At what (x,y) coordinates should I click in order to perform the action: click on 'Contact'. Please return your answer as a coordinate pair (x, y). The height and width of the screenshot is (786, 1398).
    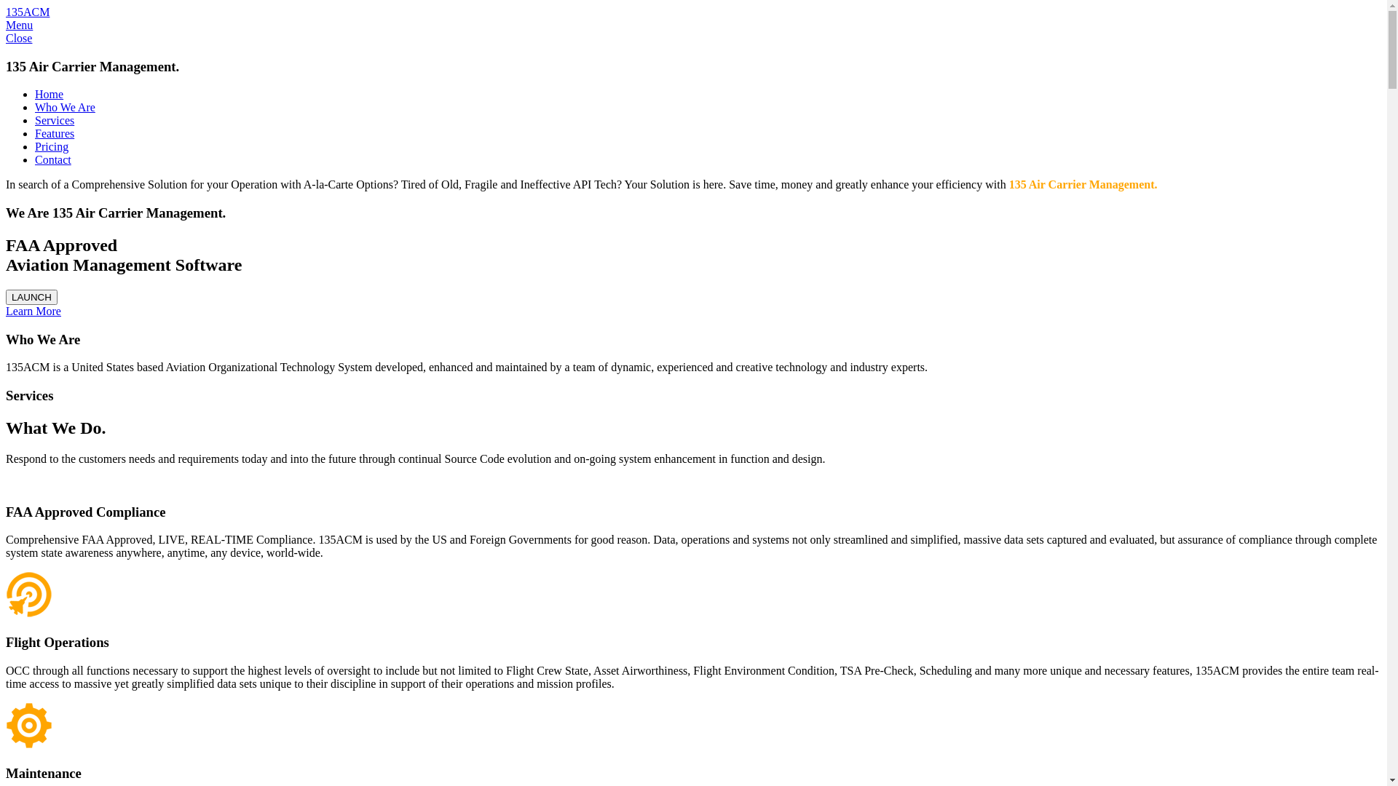
    Looking at the image, I should click on (35, 159).